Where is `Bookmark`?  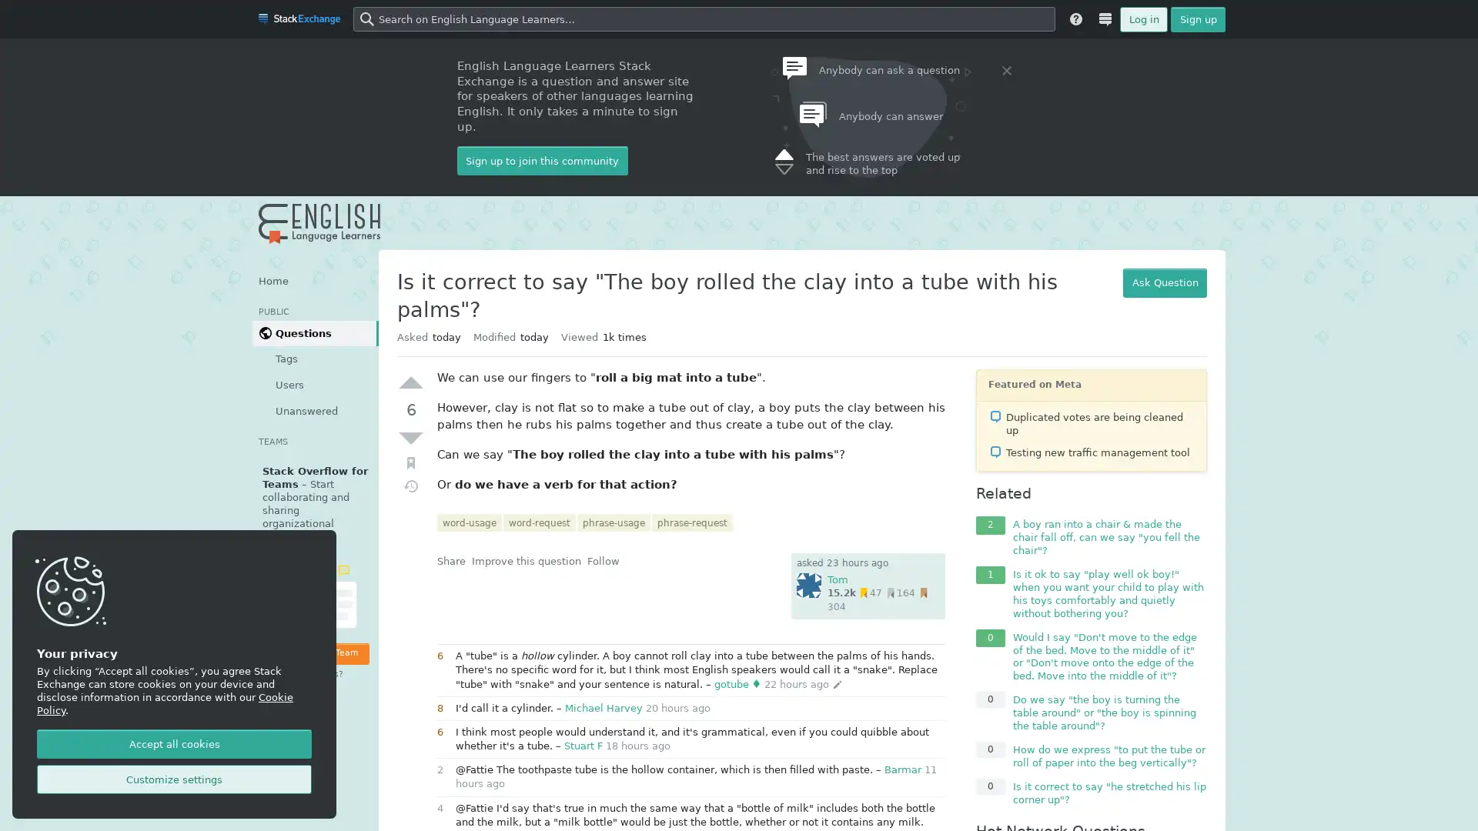
Bookmark is located at coordinates (410, 462).